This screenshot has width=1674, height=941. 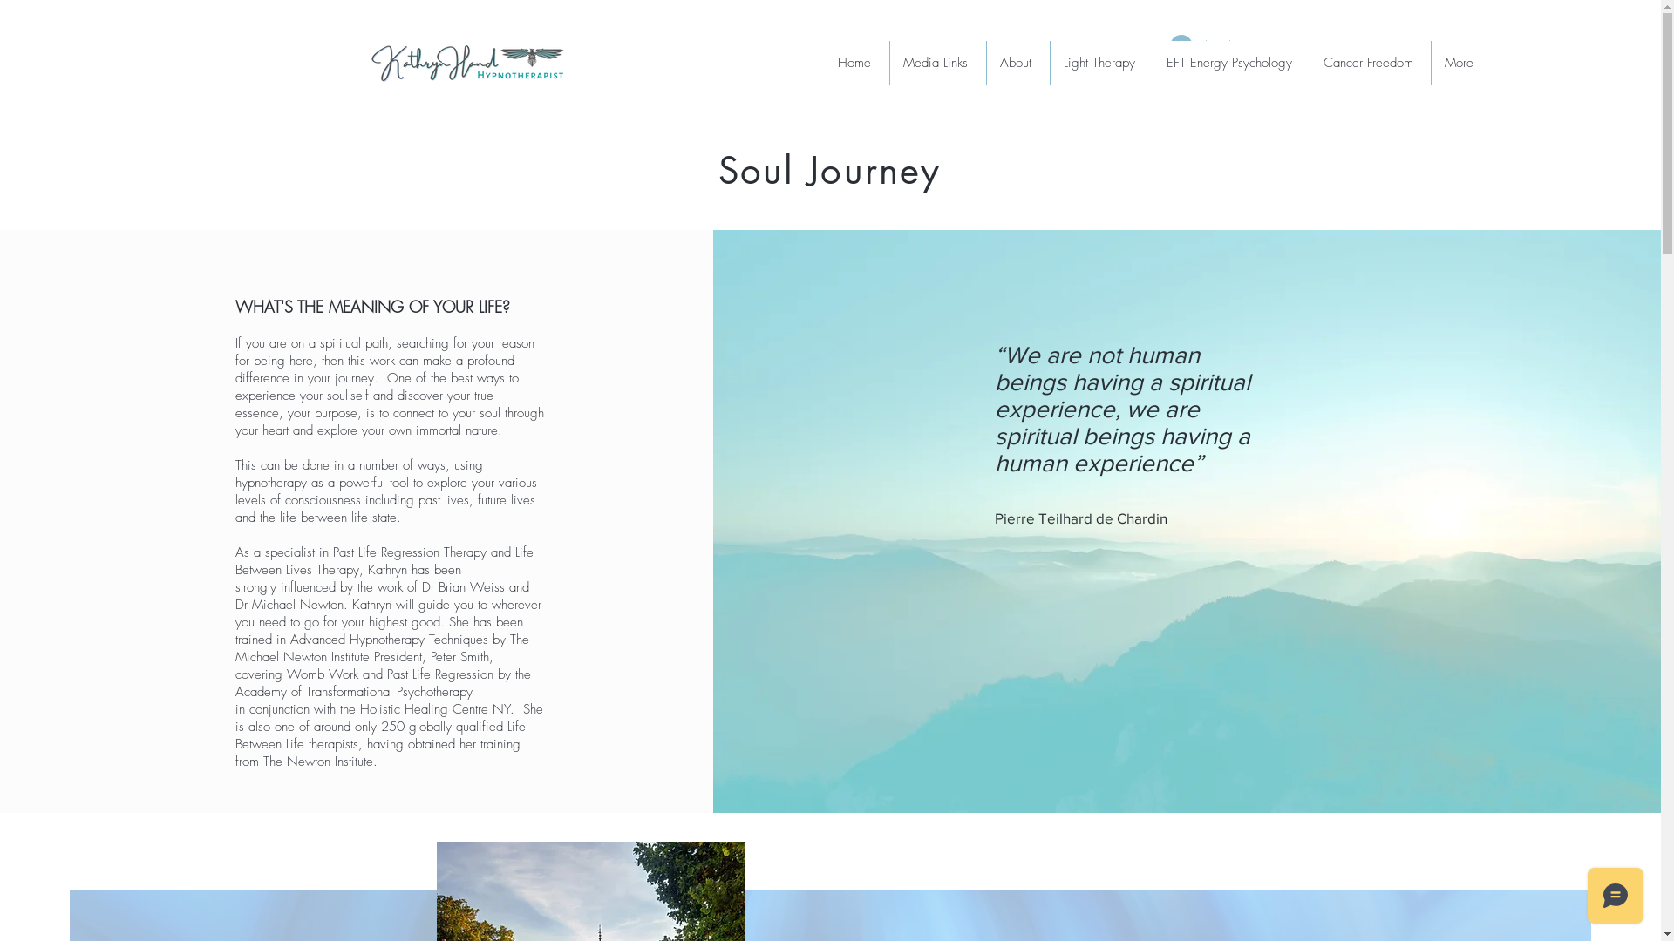 I want to click on 'Log In', so click(x=1202, y=45).